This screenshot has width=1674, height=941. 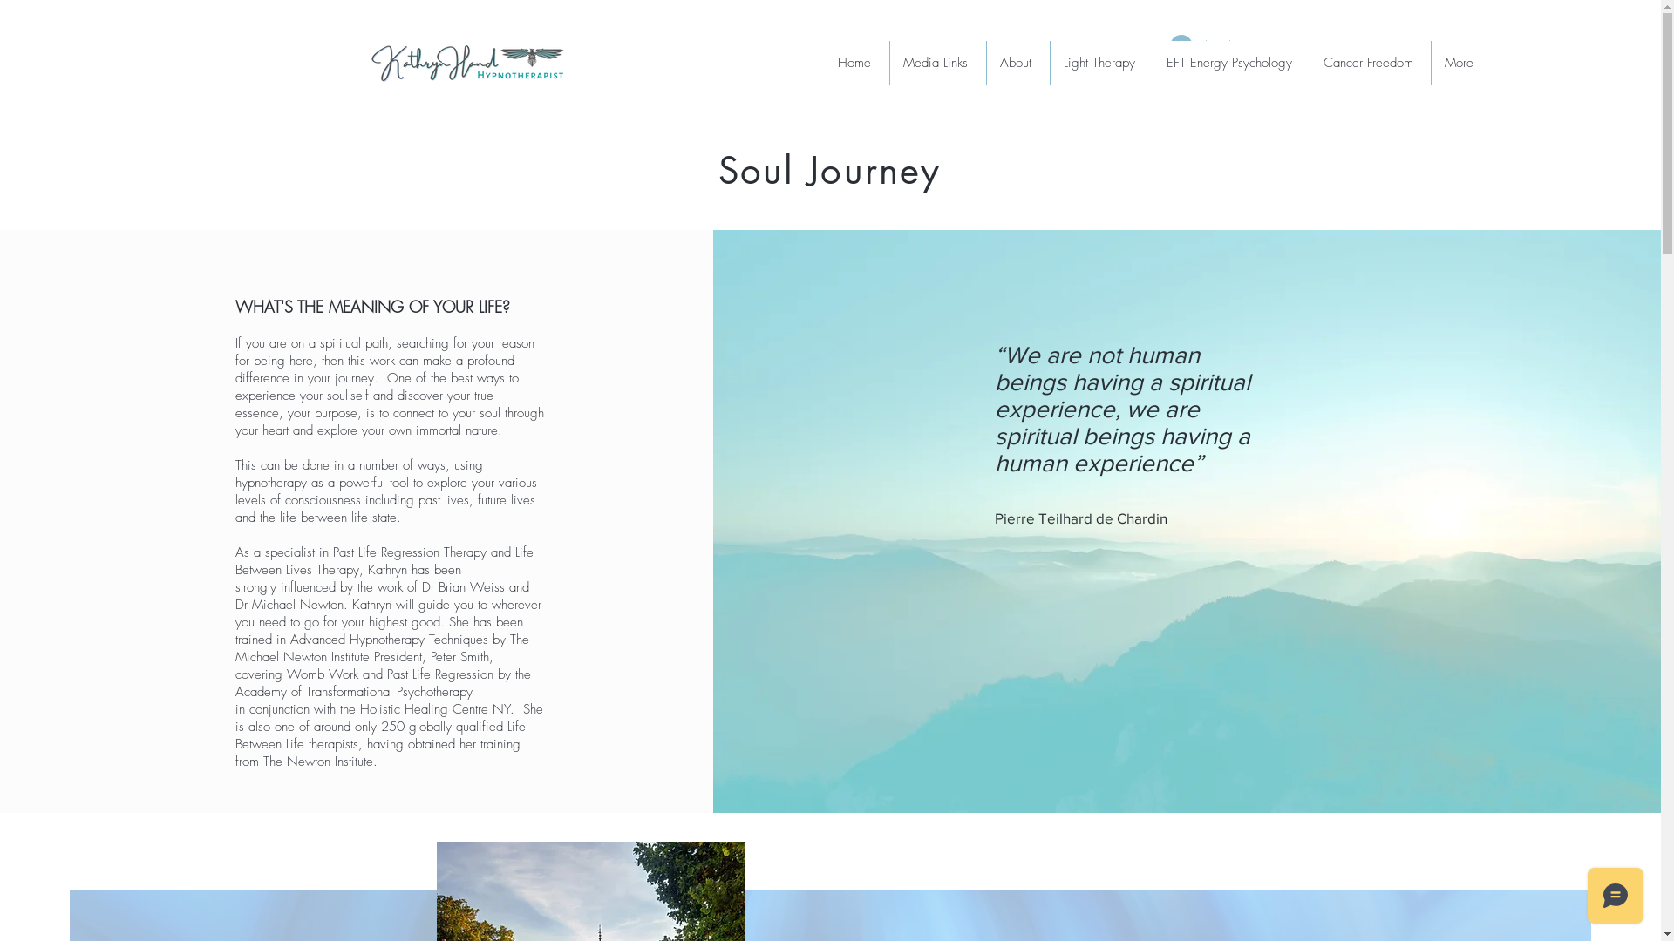 I want to click on 'Log In', so click(x=1202, y=45).